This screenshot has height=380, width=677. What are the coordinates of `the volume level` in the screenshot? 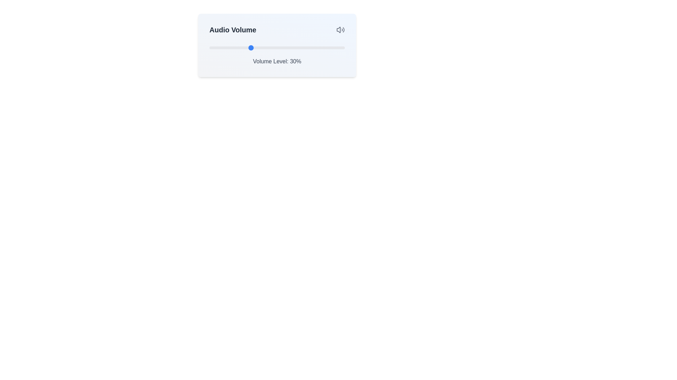 It's located at (258, 47).